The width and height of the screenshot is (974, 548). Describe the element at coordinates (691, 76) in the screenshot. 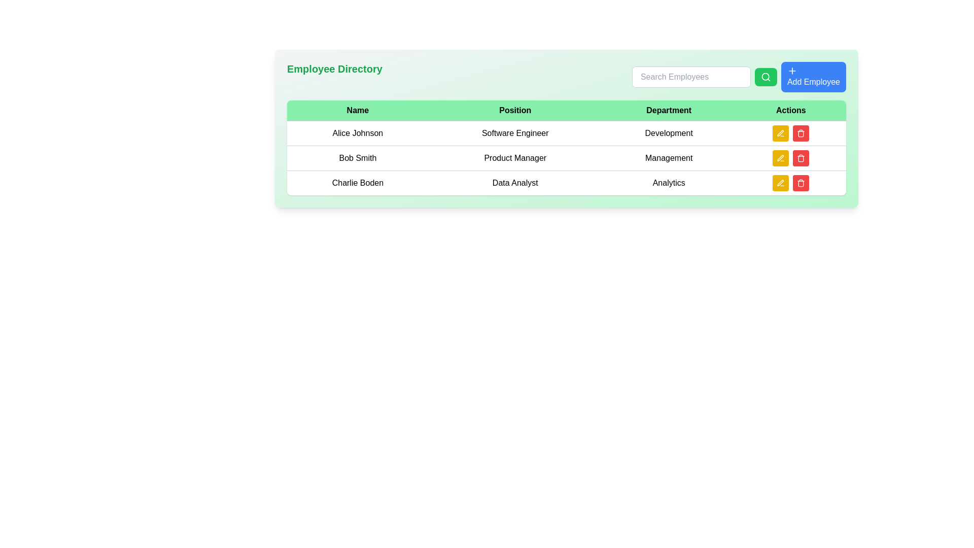

I see `the text input field used for searching employees, which is positioned to the left of the search button and to the right of the employee details table` at that location.